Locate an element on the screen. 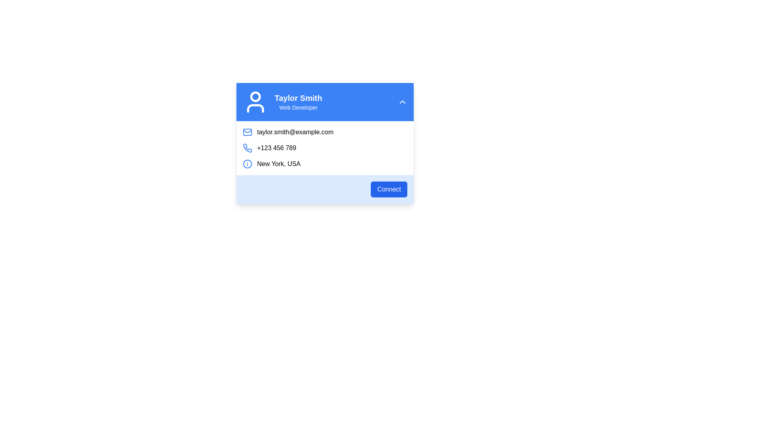  the SVG Circle representing the user's profile picture located at the top of the user's profile card within the blue header section is located at coordinates (256, 96).